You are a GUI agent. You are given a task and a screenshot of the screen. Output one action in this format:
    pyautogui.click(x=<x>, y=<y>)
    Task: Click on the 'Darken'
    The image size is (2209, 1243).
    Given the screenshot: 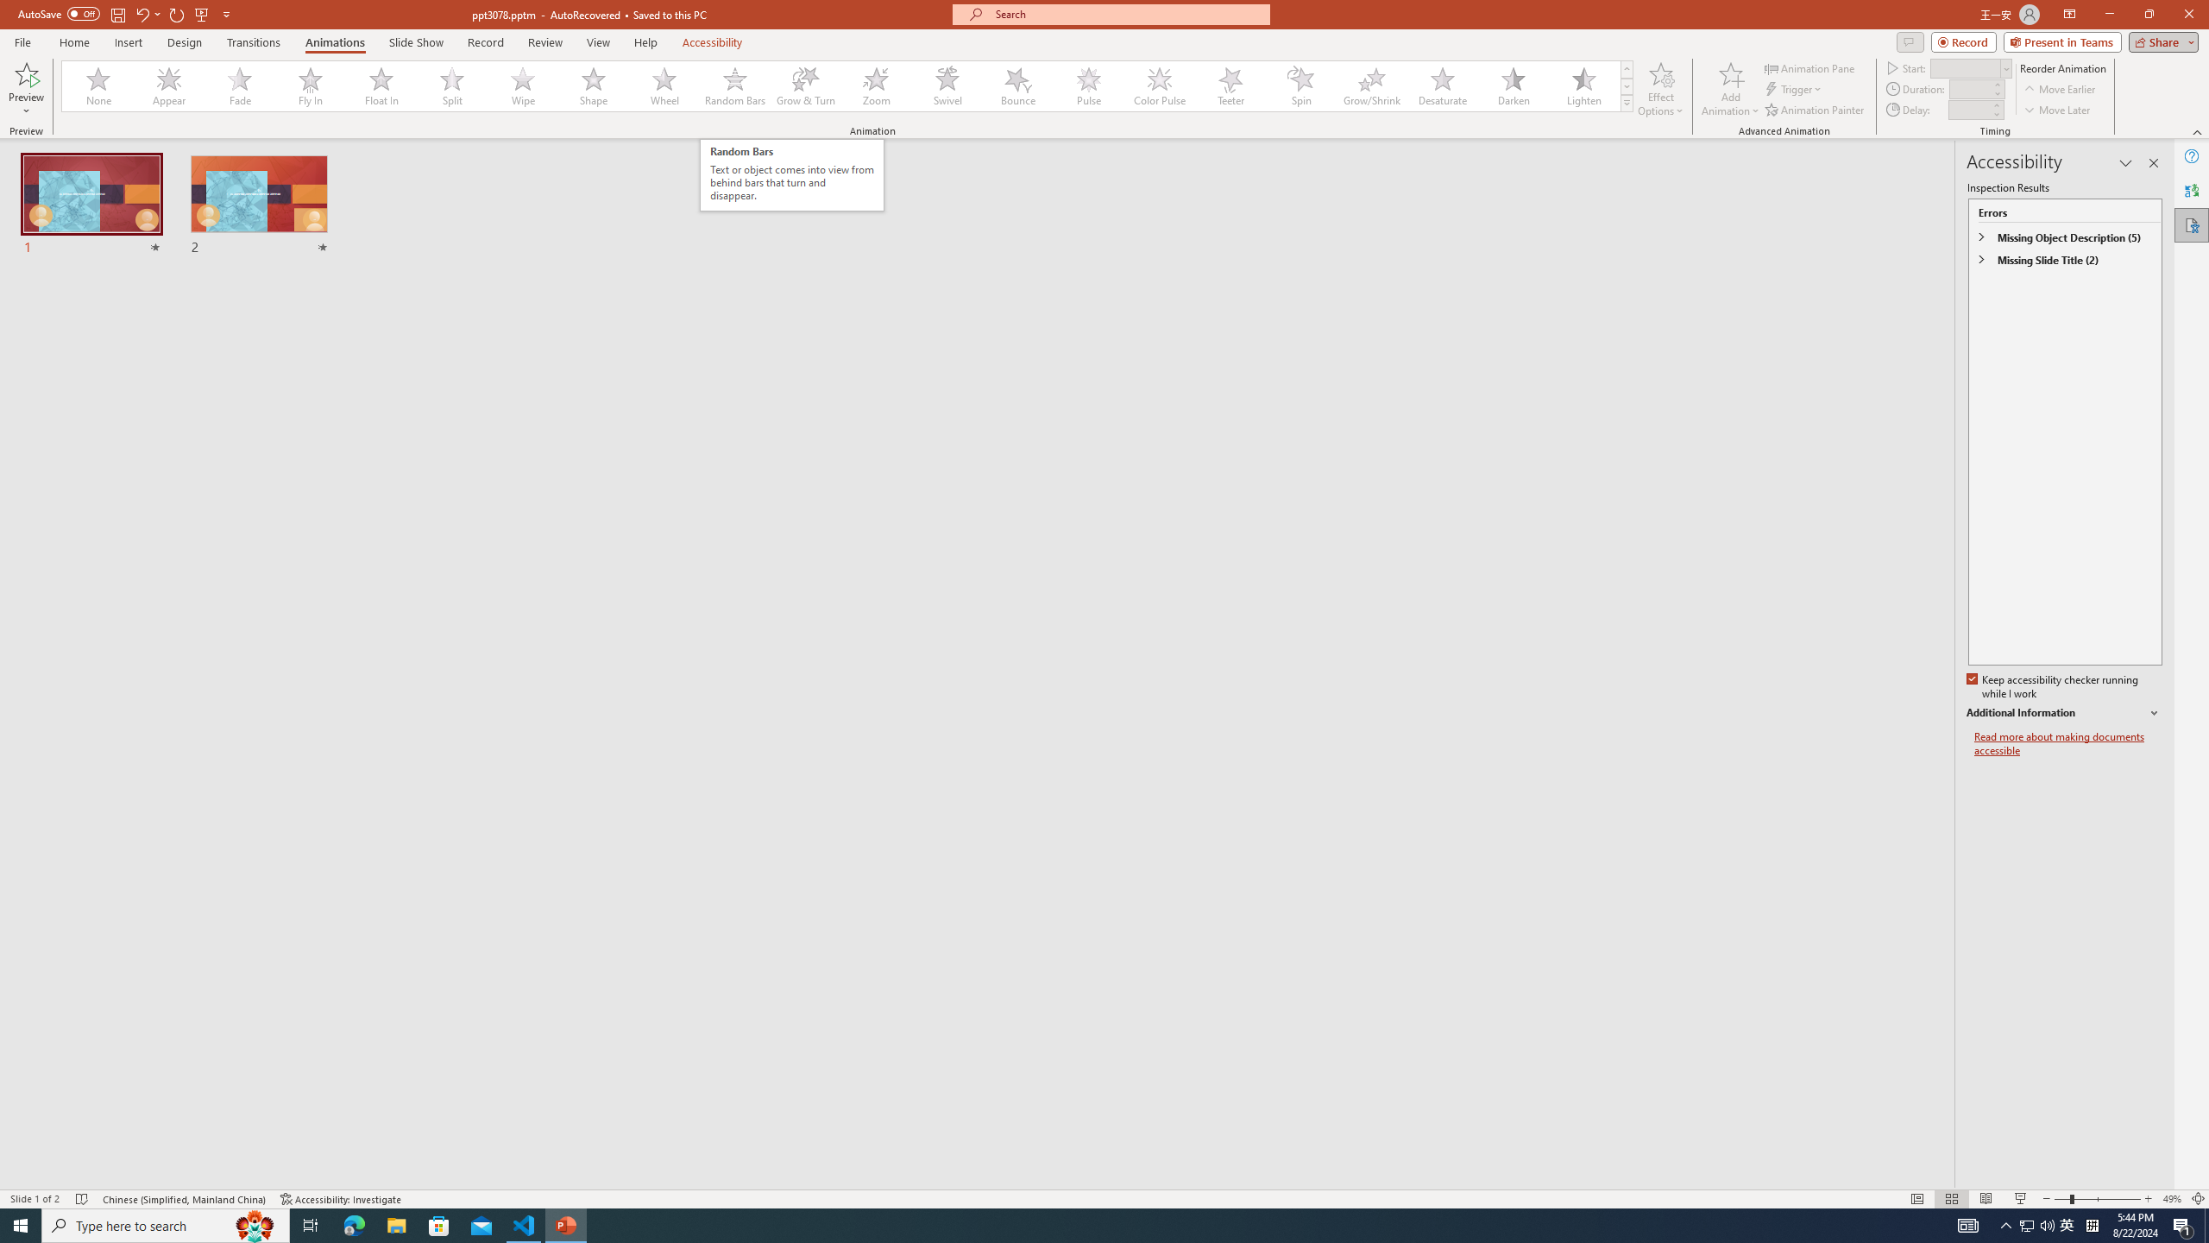 What is the action you would take?
    pyautogui.click(x=1512, y=85)
    